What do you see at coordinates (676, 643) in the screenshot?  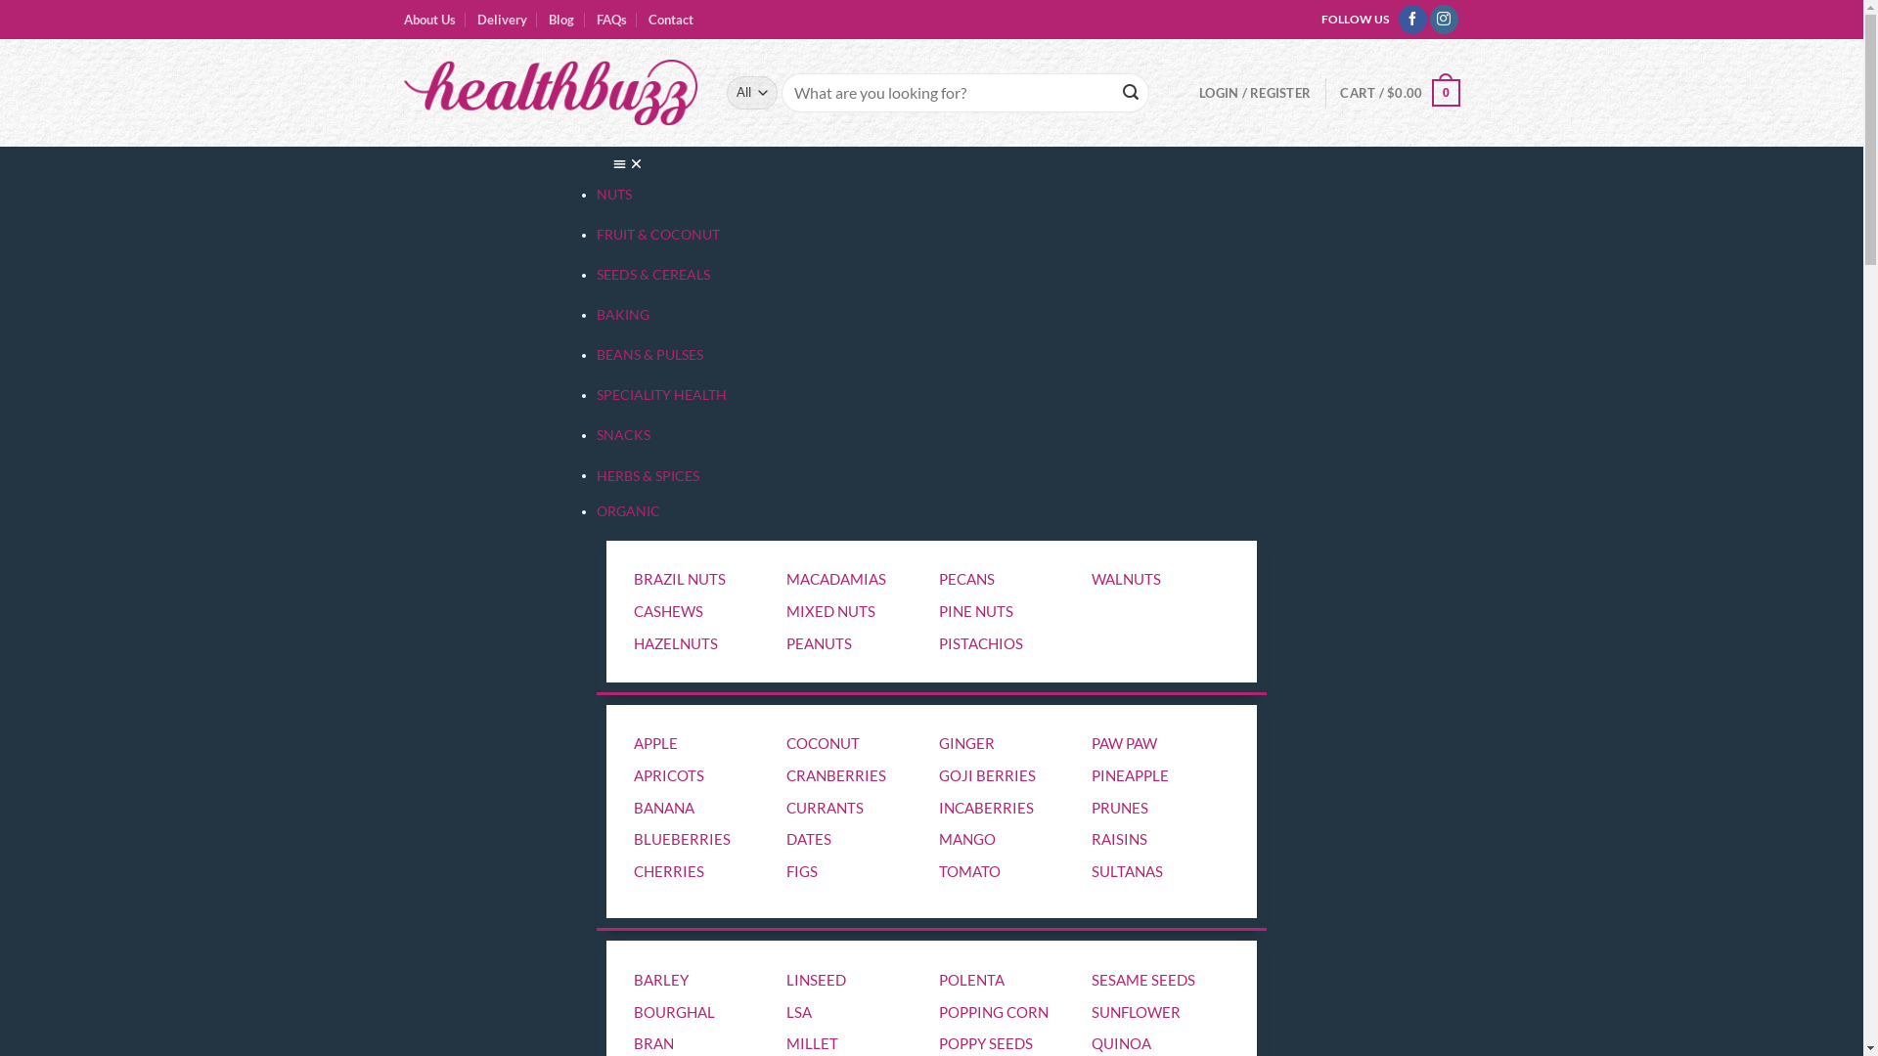 I see `'HAZELNUTS'` at bounding box center [676, 643].